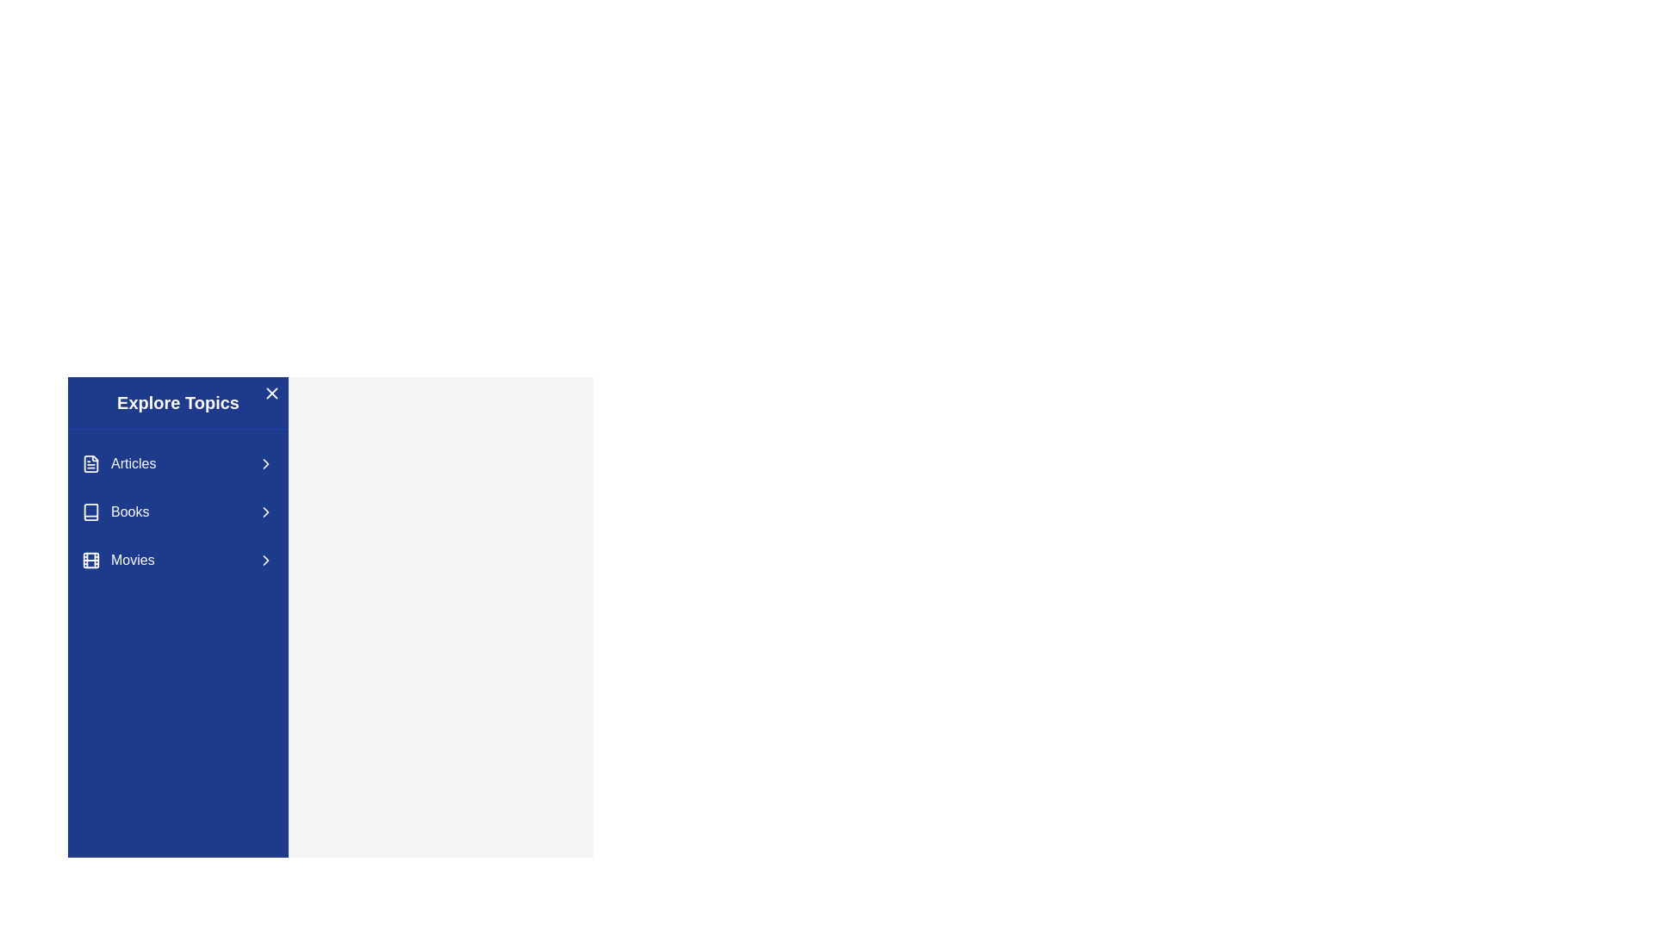  Describe the element at coordinates (90, 511) in the screenshot. I see `the 'Books' menu option icon, which is represented by an open book icon in the left sidebar menu` at that location.